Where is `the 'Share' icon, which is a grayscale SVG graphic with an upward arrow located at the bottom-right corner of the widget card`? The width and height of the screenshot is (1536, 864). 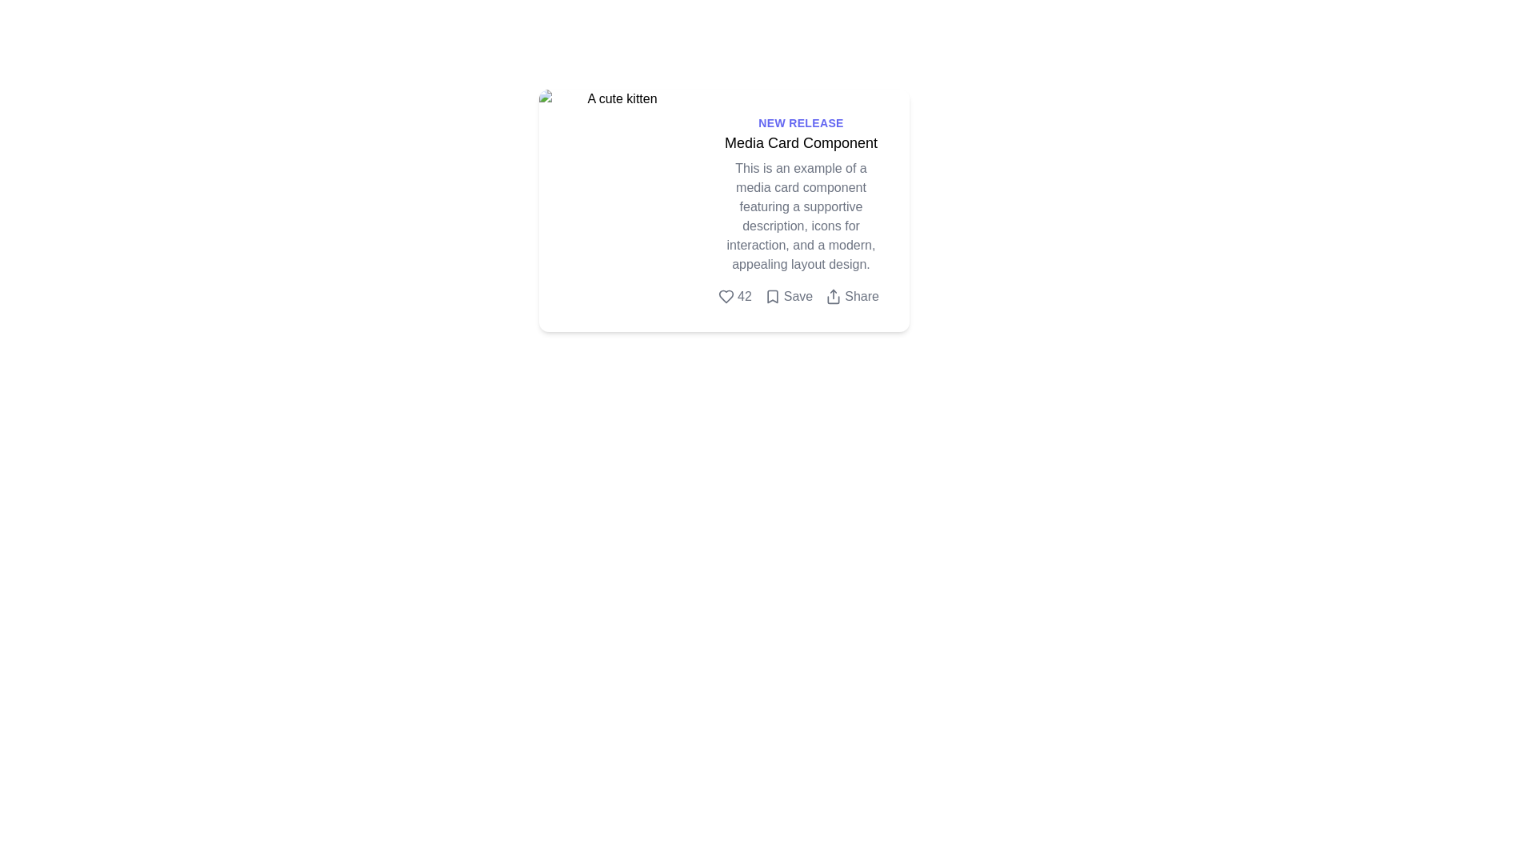 the 'Share' icon, which is a grayscale SVG graphic with an upward arrow located at the bottom-right corner of the widget card is located at coordinates (833, 296).